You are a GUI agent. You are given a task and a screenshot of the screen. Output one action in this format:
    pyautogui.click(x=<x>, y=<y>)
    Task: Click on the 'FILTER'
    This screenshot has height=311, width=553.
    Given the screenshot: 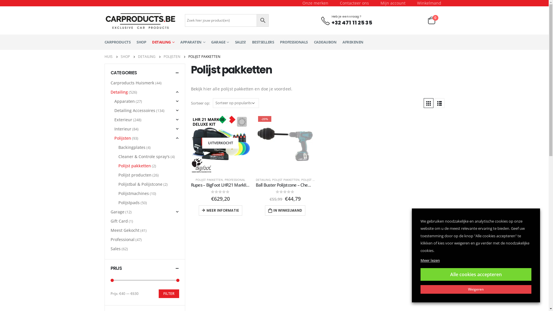 What is the action you would take?
    pyautogui.click(x=168, y=293)
    